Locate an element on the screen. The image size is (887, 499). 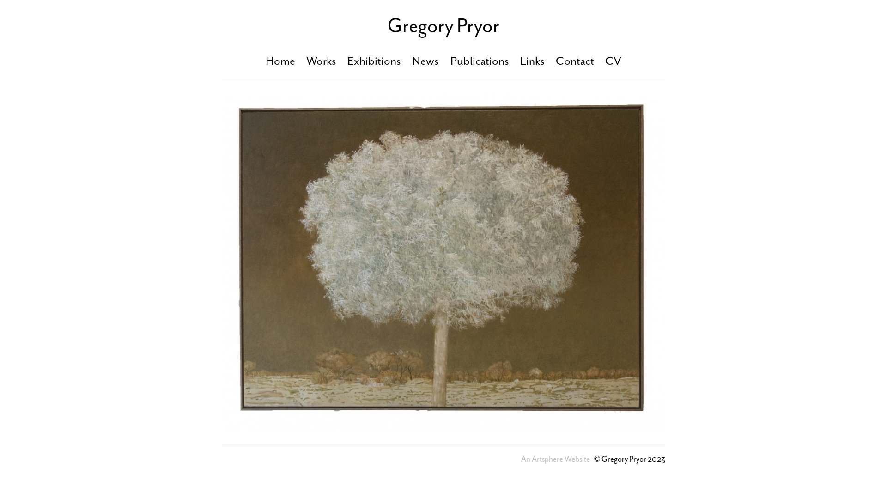
'Exhibitions' is located at coordinates (374, 61).